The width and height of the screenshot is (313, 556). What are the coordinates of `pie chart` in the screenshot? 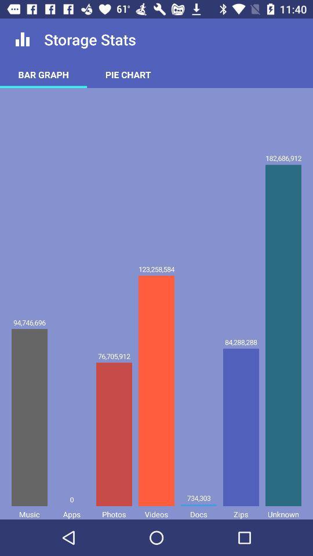 It's located at (128, 74).